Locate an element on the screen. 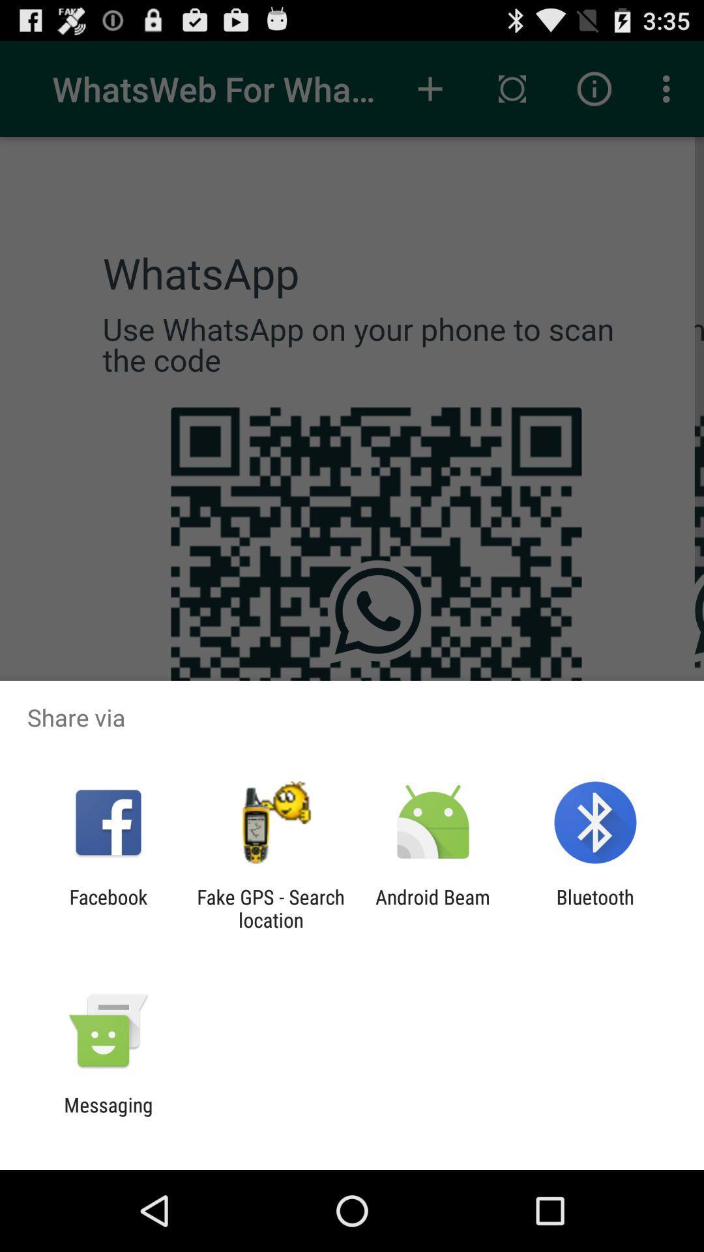 The width and height of the screenshot is (704, 1252). icon next to android beam is located at coordinates (270, 908).